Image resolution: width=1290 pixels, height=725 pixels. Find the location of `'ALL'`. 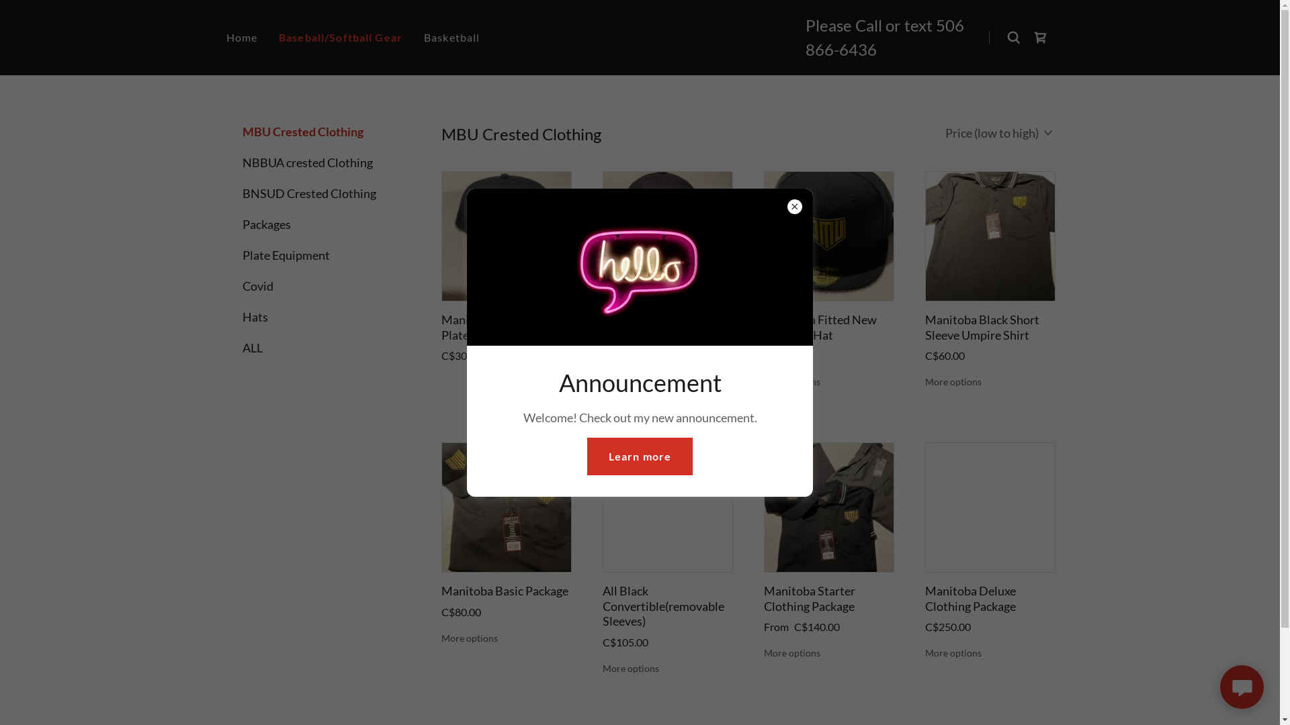

'ALL' is located at coordinates (242, 346).